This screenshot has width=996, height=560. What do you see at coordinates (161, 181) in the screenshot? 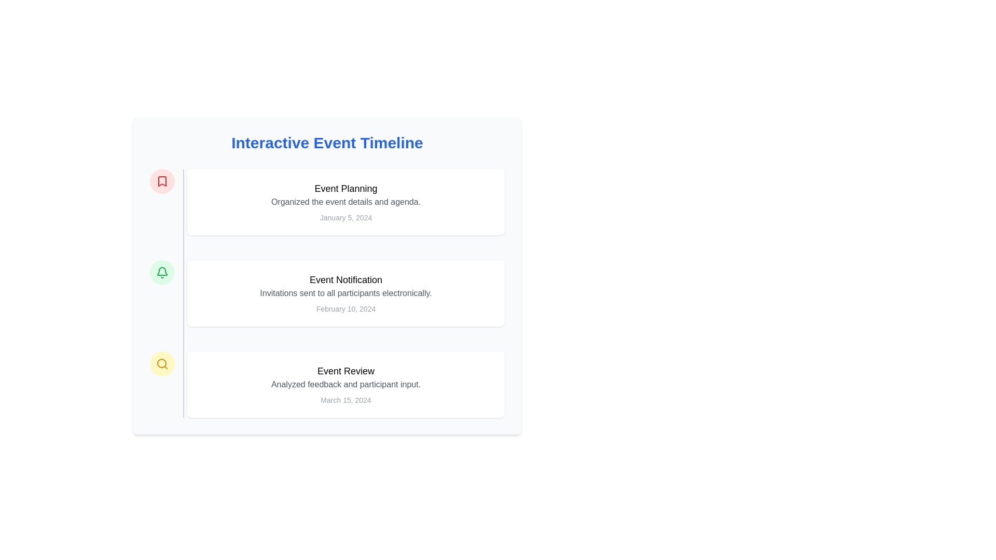
I see `the red bookmark-shaped SVG icon within the topmost circular button on the left side of the event timeline` at bounding box center [161, 181].